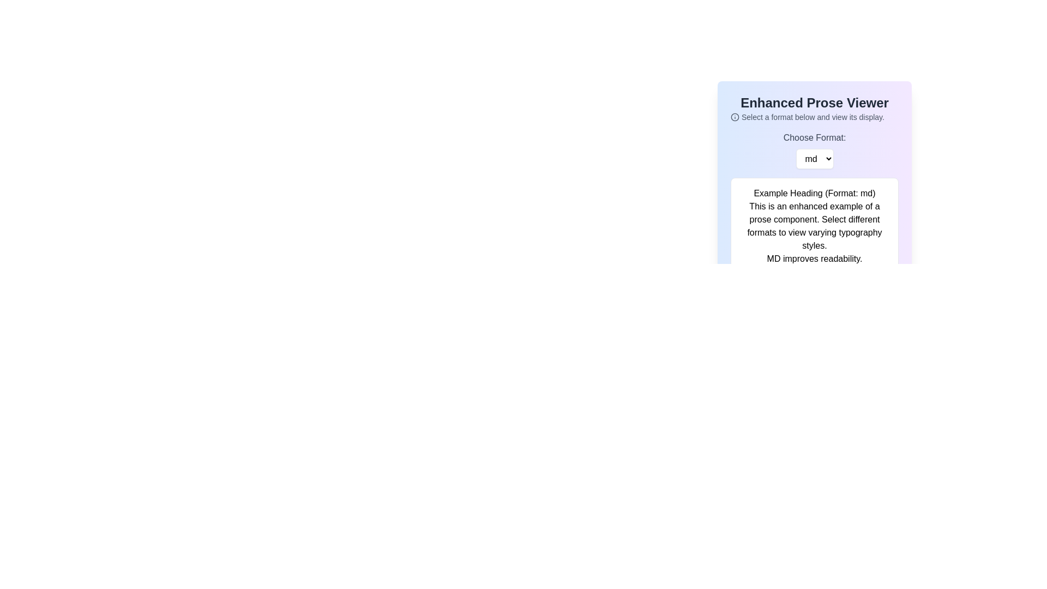 The width and height of the screenshot is (1047, 589). Describe the element at coordinates (814, 149) in the screenshot. I see `the Dropdown menu located beneath the 'Choose Format:' label` at that location.